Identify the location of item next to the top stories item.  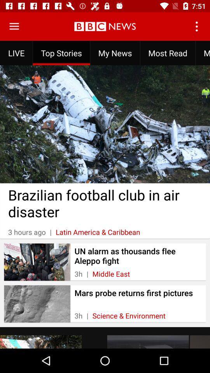
(14, 26).